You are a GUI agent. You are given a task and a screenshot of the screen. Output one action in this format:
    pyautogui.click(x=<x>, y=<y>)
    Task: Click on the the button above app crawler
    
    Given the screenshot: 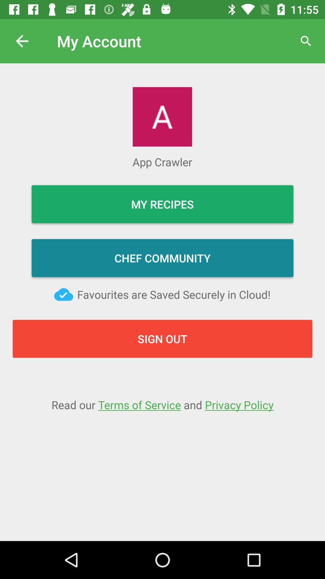 What is the action you would take?
    pyautogui.click(x=162, y=117)
    